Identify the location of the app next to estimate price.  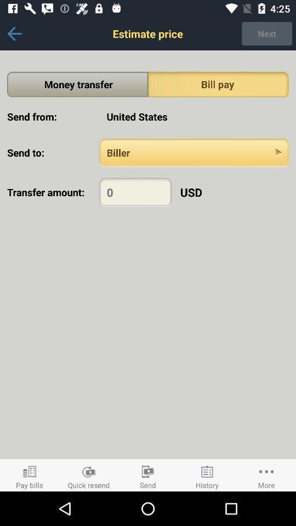
(266, 33).